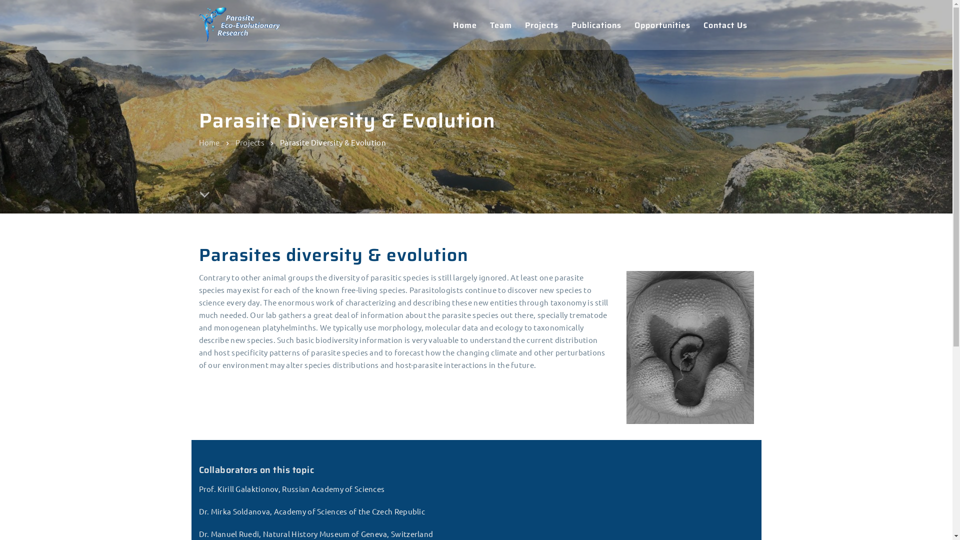 This screenshot has width=960, height=540. What do you see at coordinates (422, 467) in the screenshot?
I see `'Opportunities'` at bounding box center [422, 467].